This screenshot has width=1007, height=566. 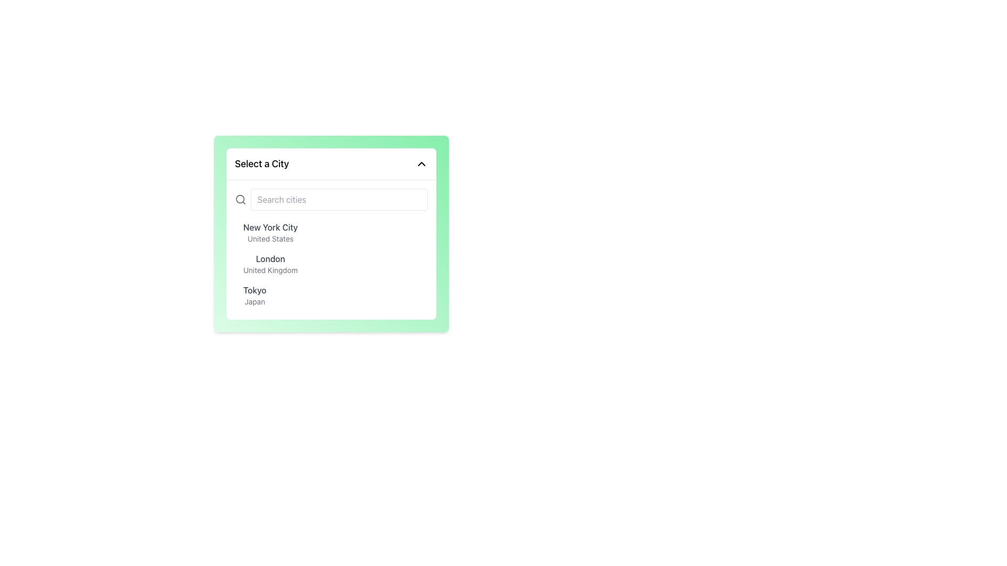 I want to click on the text label 'London' in the dropdown menu, so click(x=270, y=258).